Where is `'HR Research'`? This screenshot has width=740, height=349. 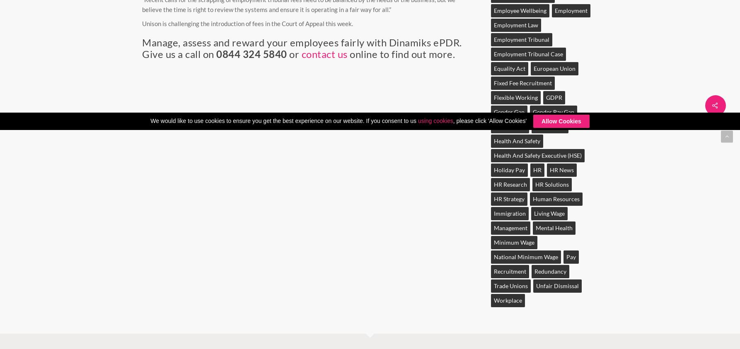 'HR Research' is located at coordinates (510, 184).